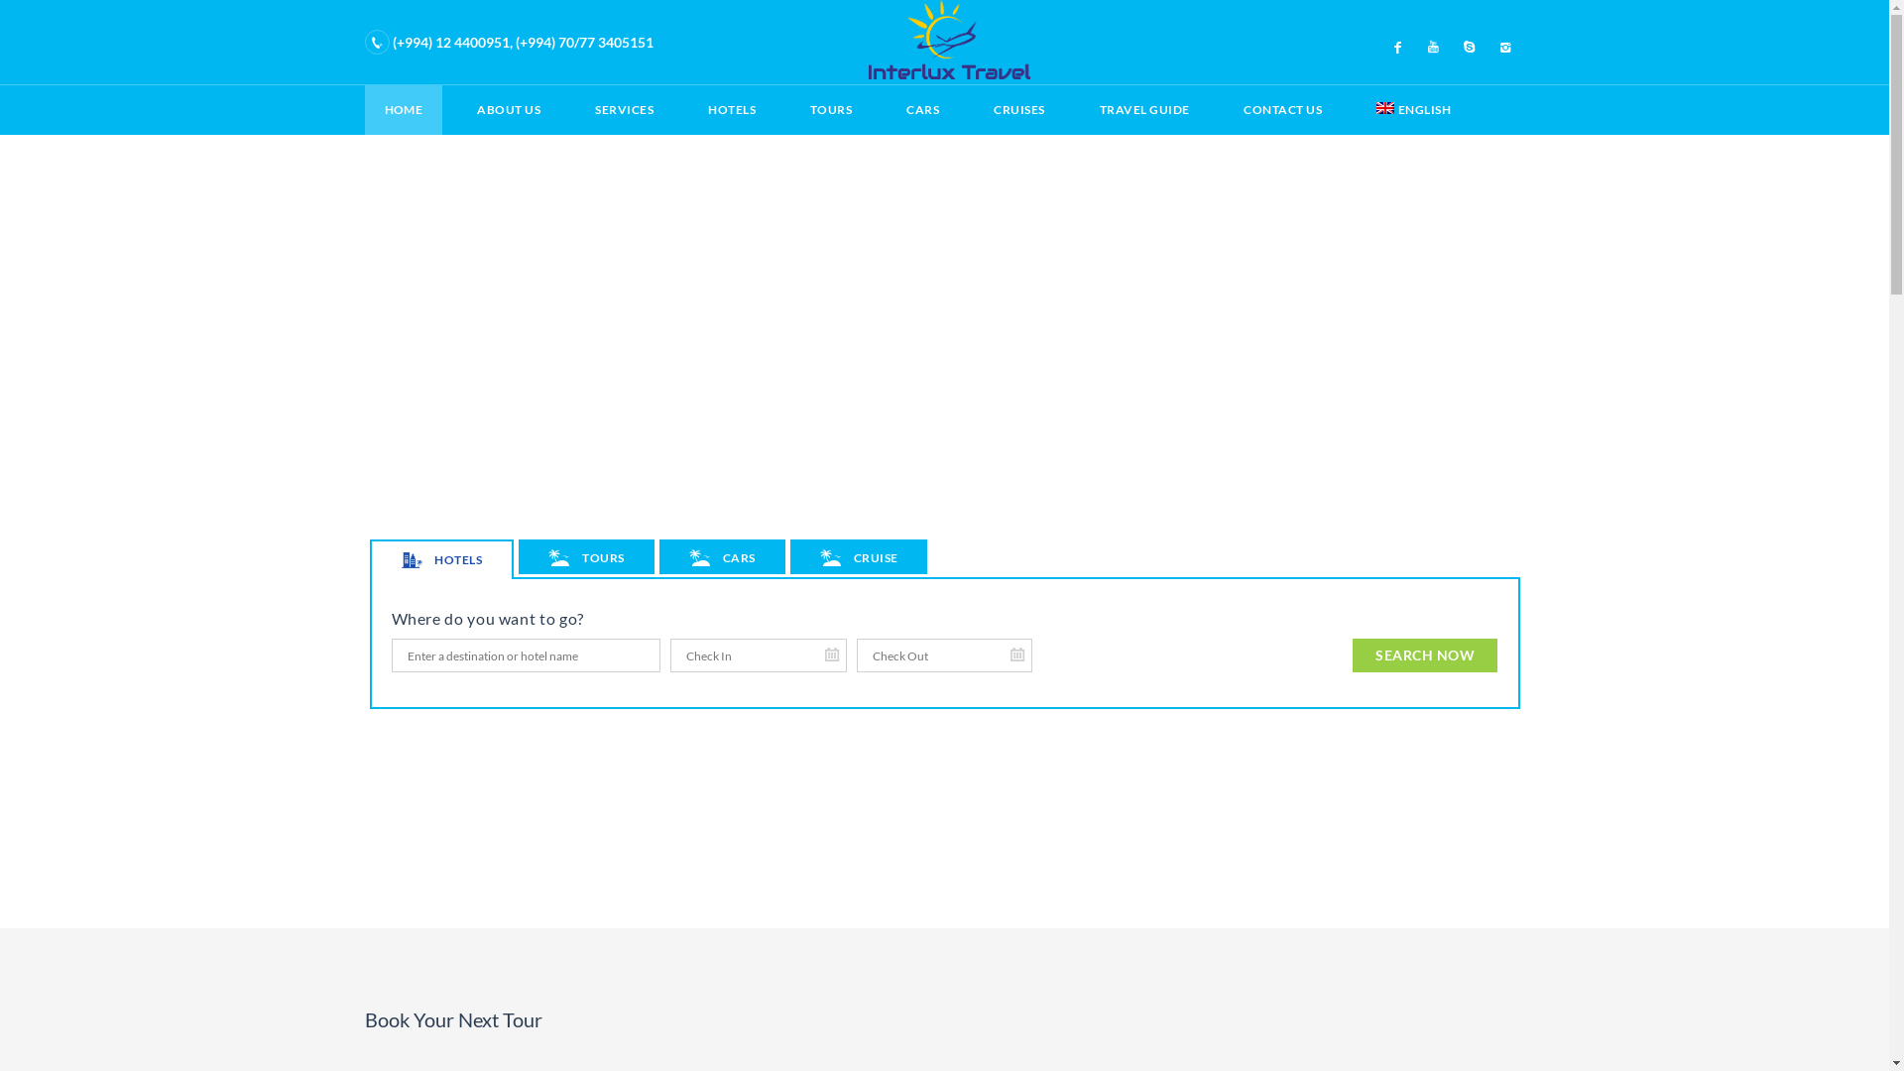 This screenshot has height=1071, width=1904. What do you see at coordinates (1356, 110) in the screenshot?
I see `'ENGLISH'` at bounding box center [1356, 110].